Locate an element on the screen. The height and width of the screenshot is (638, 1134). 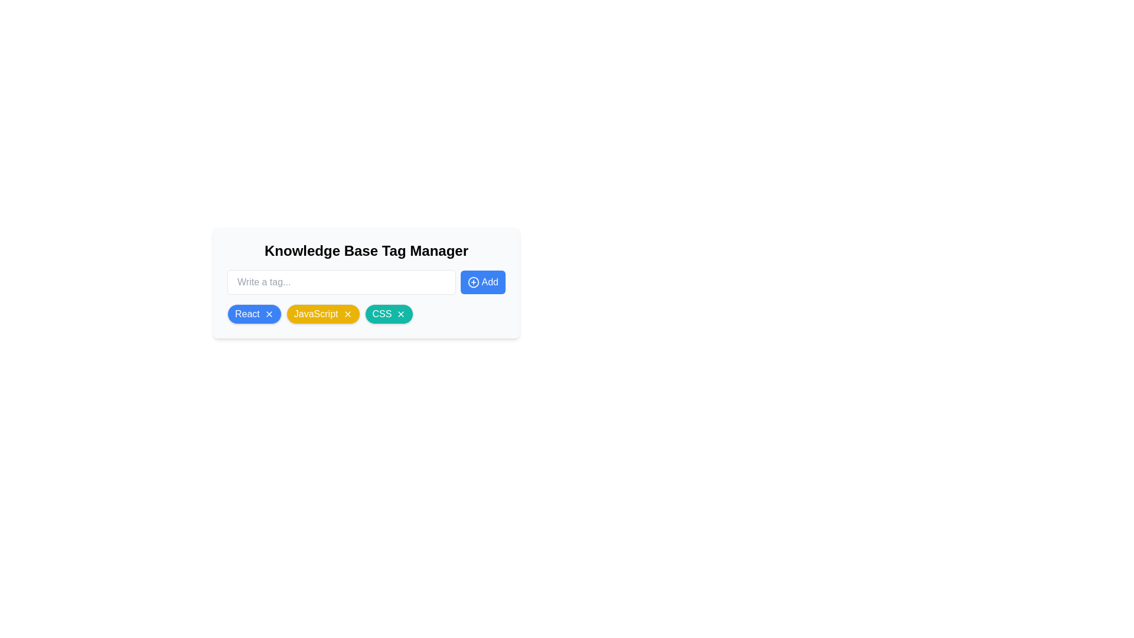
the text label 'React' displayed in white color on a blue rounded pill-shaped background, which is the first element in the row of tags is located at coordinates (246, 314).